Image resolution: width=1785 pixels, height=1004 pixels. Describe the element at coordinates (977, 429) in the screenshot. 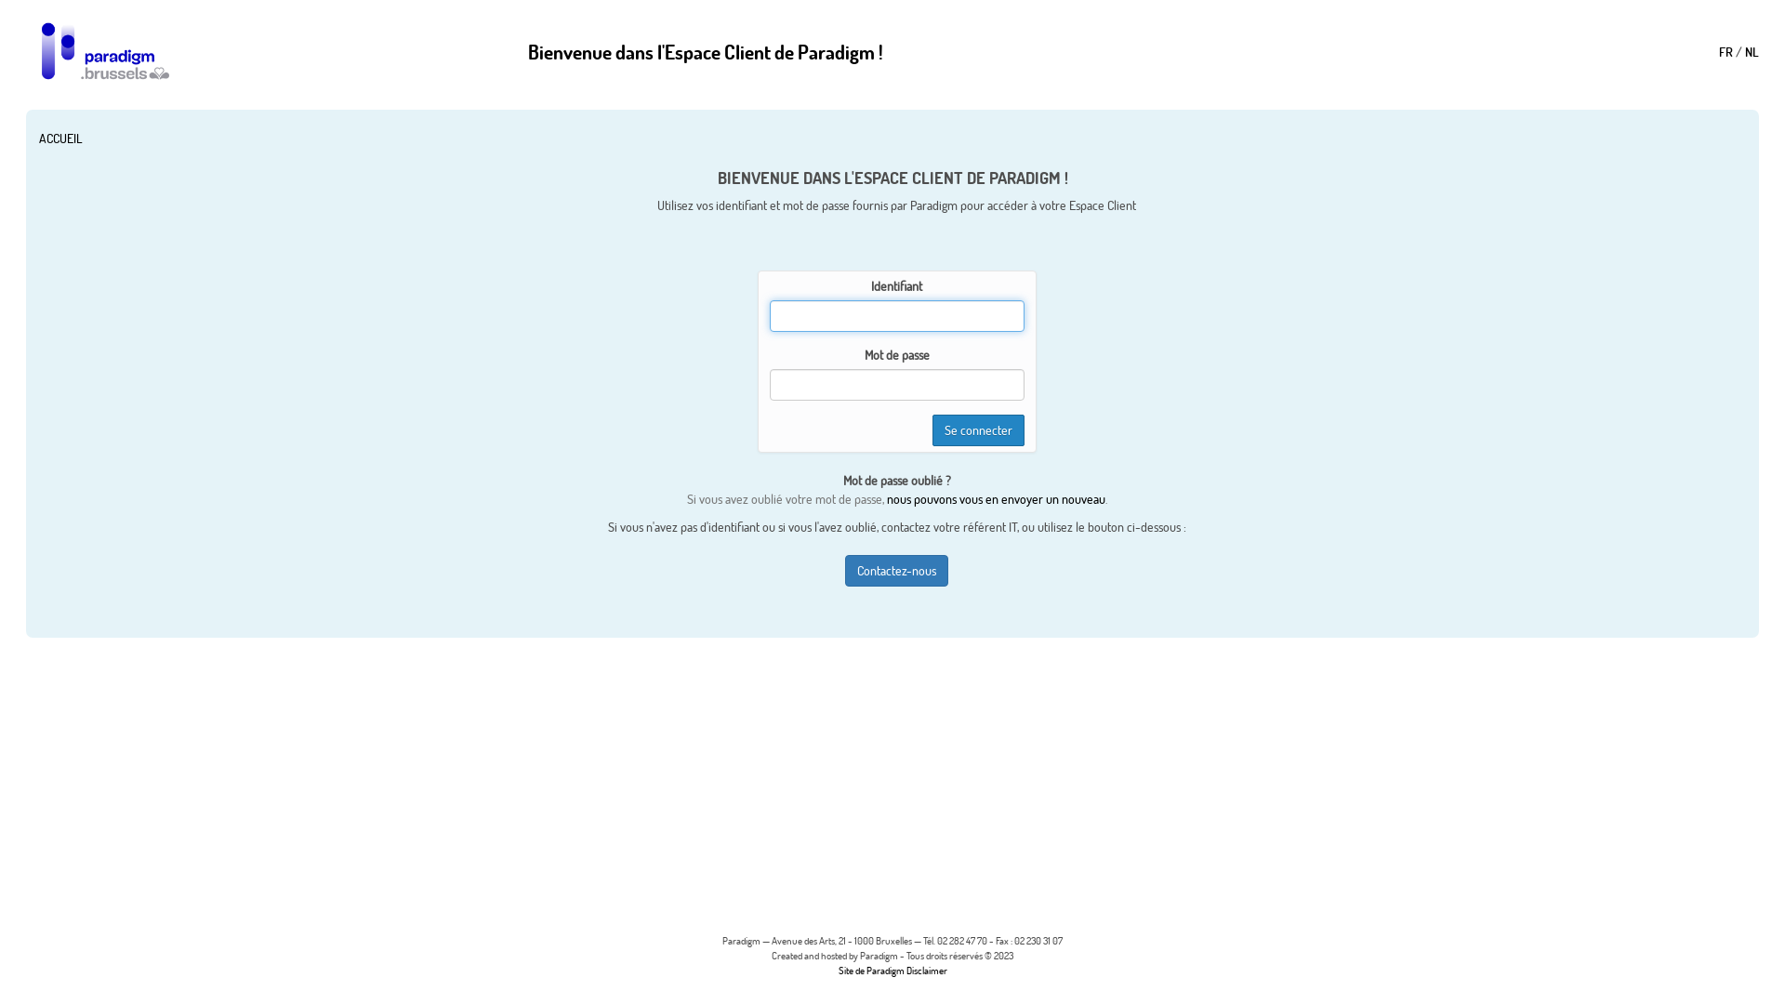

I see `'Se connecter'` at that location.